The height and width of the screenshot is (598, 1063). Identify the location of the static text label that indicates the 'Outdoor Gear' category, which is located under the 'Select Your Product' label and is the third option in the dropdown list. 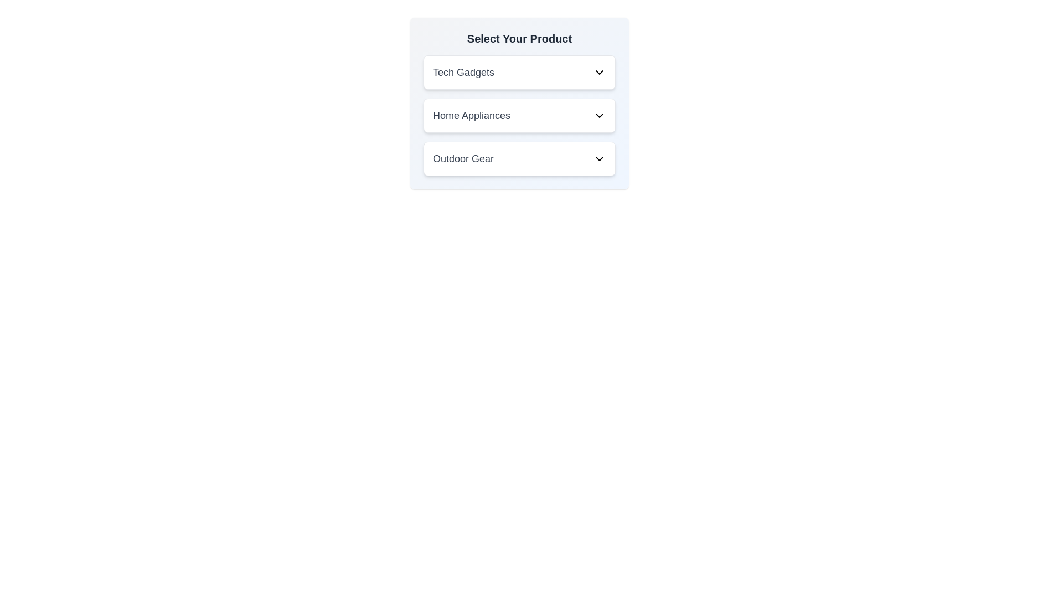
(463, 158).